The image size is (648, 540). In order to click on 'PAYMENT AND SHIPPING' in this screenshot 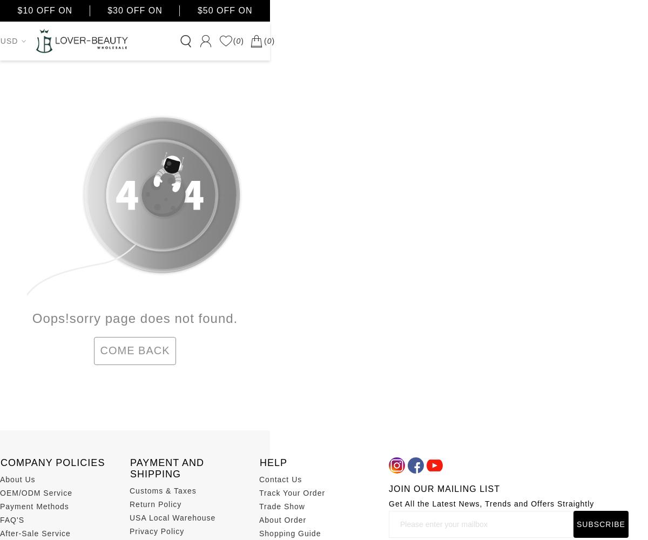, I will do `click(167, 467)`.